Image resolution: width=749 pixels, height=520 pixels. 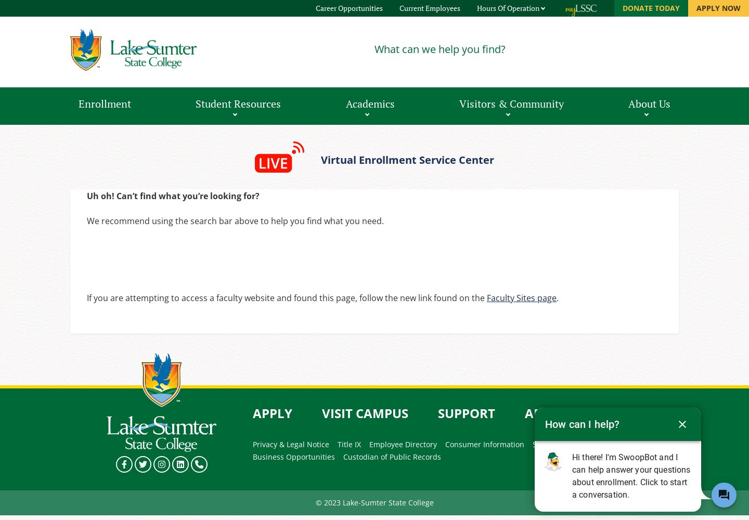 I want to click on 'Business Opportunities', so click(x=294, y=457).